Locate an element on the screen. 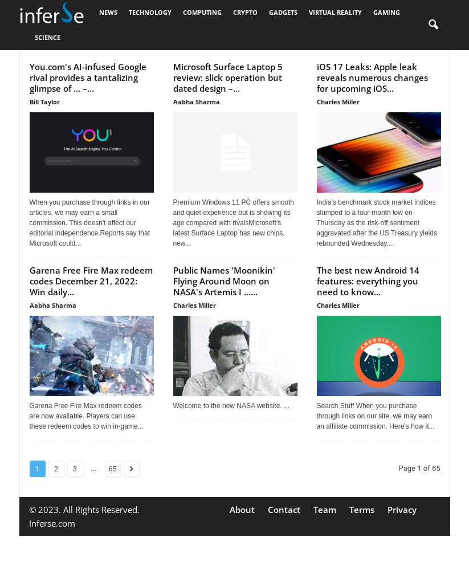 This screenshot has height=570, width=469. 'About' is located at coordinates (242, 510).